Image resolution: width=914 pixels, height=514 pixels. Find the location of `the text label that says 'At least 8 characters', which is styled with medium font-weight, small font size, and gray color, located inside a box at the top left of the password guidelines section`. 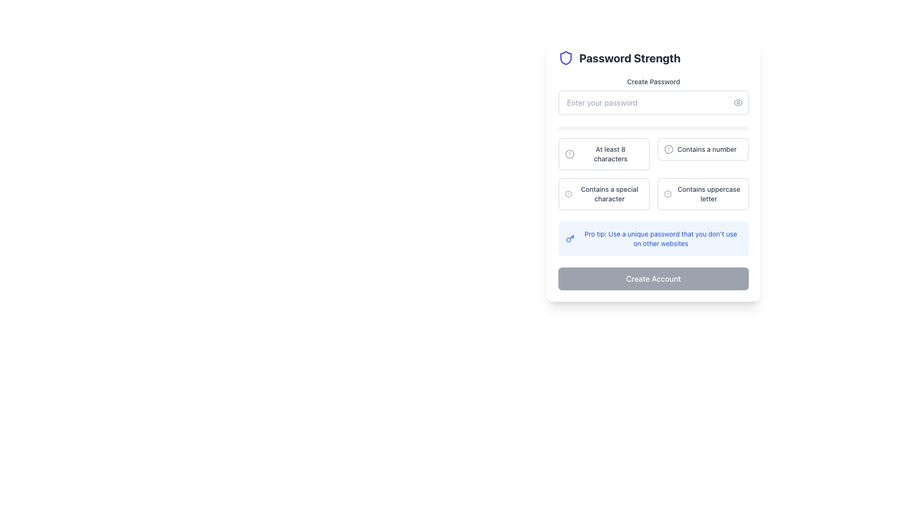

the text label that says 'At least 8 characters', which is styled with medium font-weight, small font size, and gray color, located inside a box at the top left of the password guidelines section is located at coordinates (610, 154).